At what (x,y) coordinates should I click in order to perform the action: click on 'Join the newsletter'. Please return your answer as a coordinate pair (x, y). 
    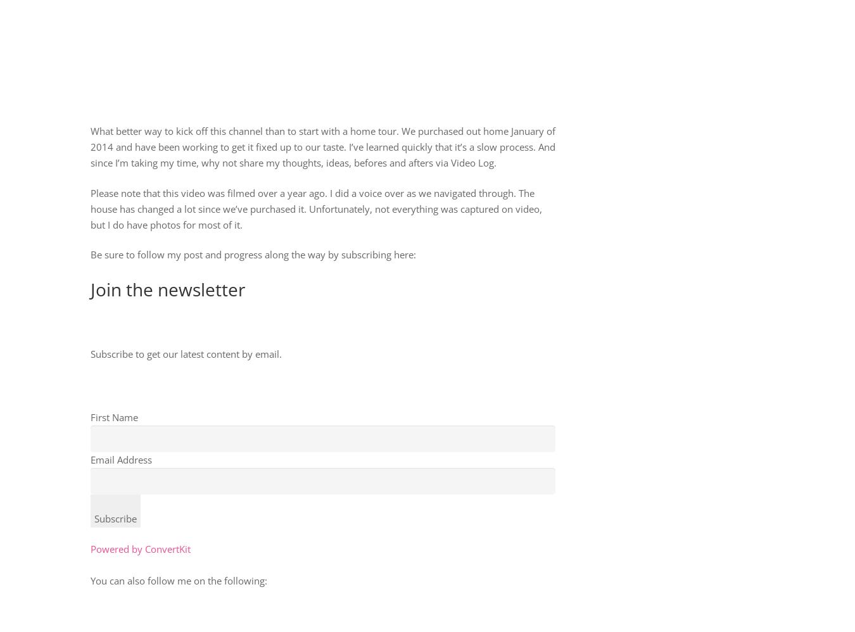
    Looking at the image, I should click on (167, 288).